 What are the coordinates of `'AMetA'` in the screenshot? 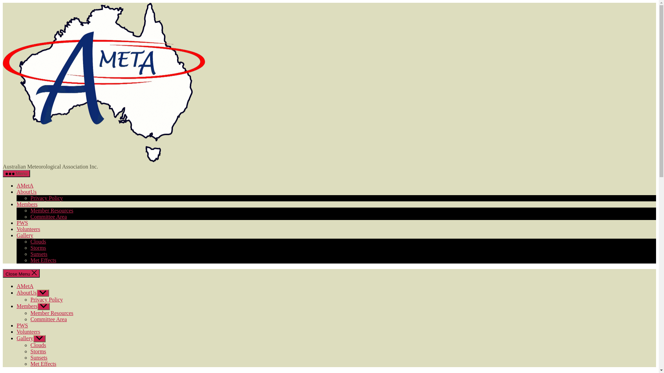 It's located at (17, 185).